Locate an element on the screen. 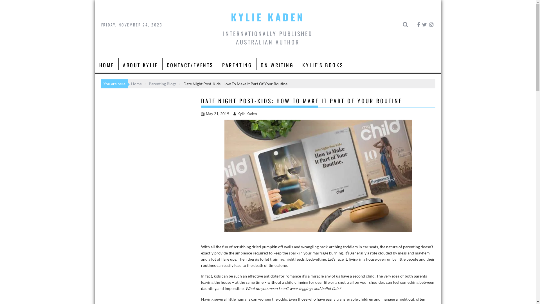 The height and width of the screenshot is (304, 540). 'Home' is located at coordinates (136, 84).